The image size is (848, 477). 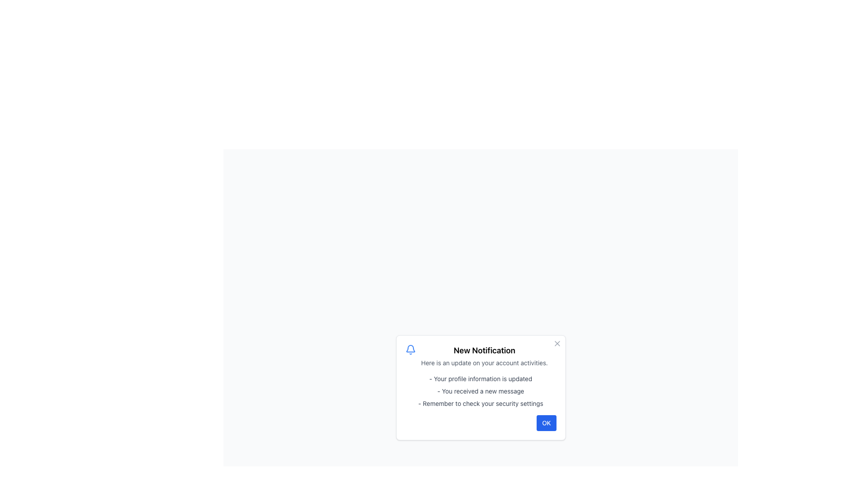 What do you see at coordinates (484, 363) in the screenshot?
I see `the text block that provides a summary of recent activities or updates within the notification modal, located directly below the 'New Notification' header` at bounding box center [484, 363].